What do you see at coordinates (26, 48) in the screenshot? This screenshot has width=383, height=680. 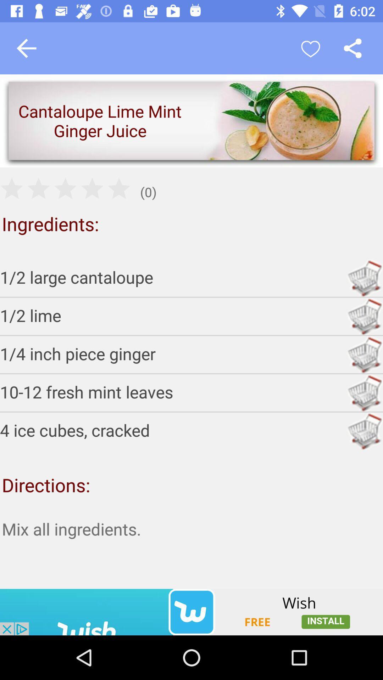 I see `go back` at bounding box center [26, 48].